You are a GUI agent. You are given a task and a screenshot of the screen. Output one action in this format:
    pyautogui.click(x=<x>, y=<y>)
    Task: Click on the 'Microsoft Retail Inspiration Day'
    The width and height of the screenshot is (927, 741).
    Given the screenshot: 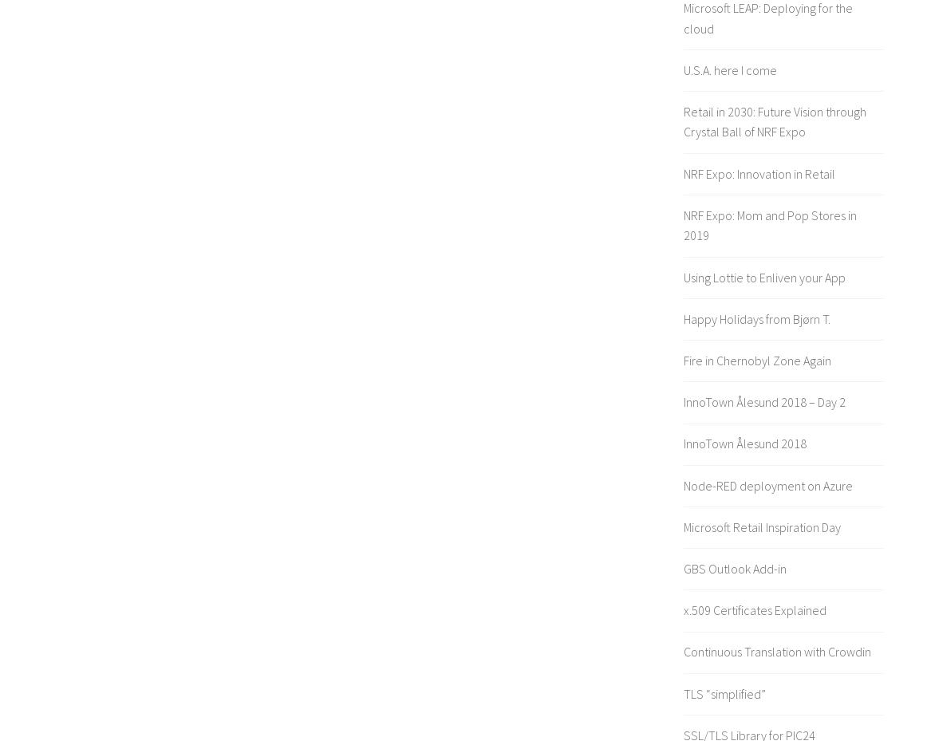 What is the action you would take?
    pyautogui.click(x=761, y=526)
    